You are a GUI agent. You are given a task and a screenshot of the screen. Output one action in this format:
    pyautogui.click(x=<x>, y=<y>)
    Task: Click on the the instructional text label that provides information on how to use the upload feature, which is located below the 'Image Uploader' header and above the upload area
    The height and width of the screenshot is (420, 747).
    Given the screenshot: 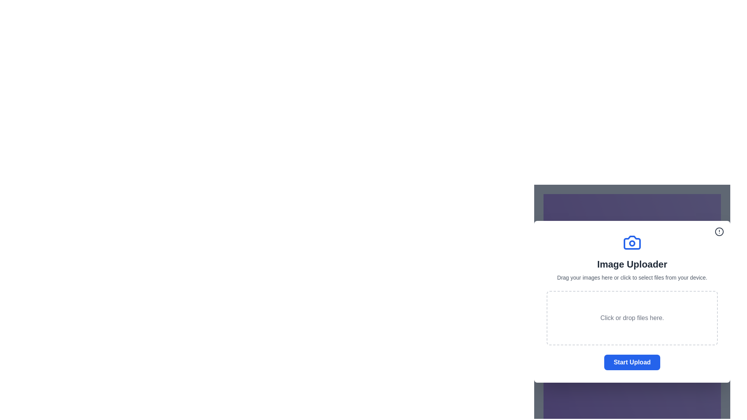 What is the action you would take?
    pyautogui.click(x=632, y=277)
    